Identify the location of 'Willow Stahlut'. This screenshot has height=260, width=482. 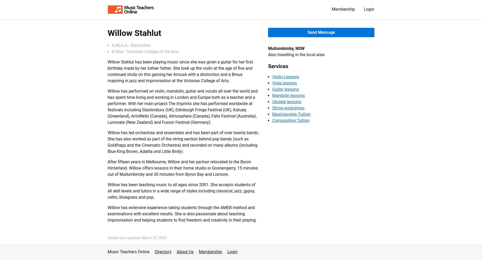
(134, 33).